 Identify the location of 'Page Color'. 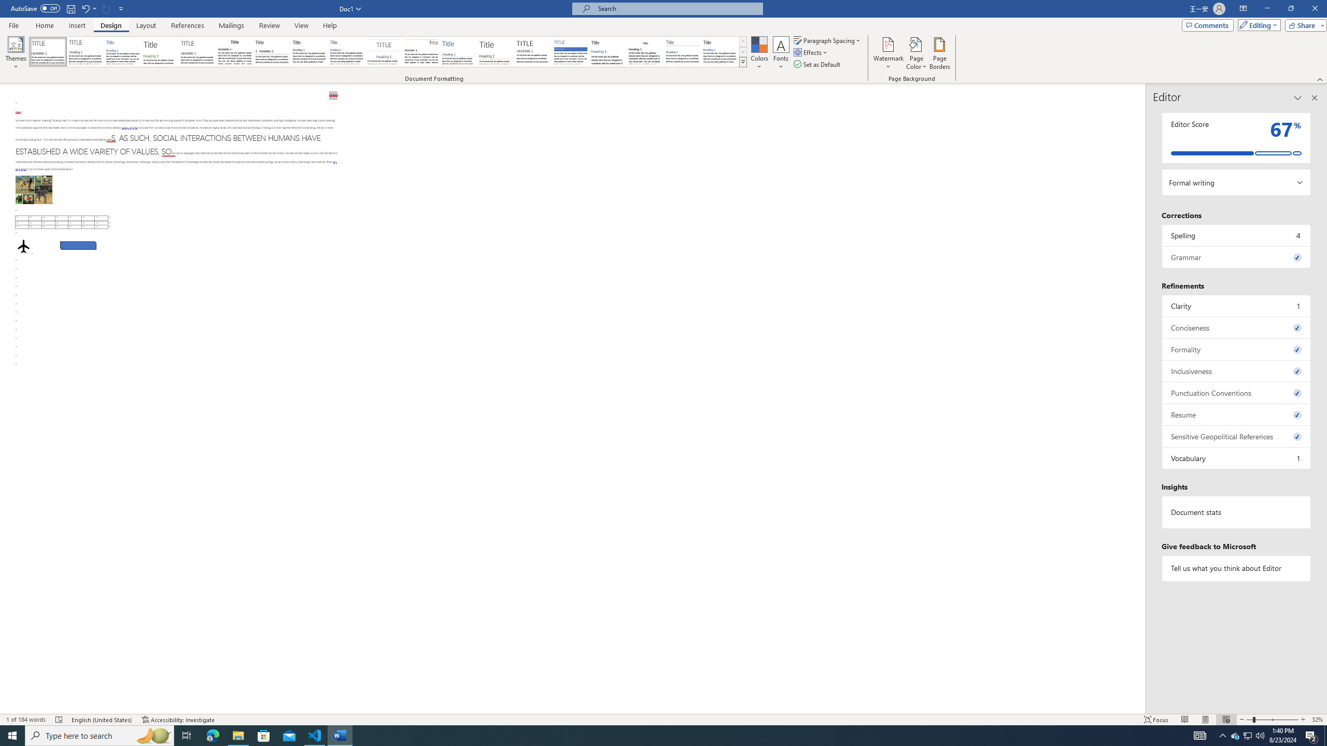
(916, 53).